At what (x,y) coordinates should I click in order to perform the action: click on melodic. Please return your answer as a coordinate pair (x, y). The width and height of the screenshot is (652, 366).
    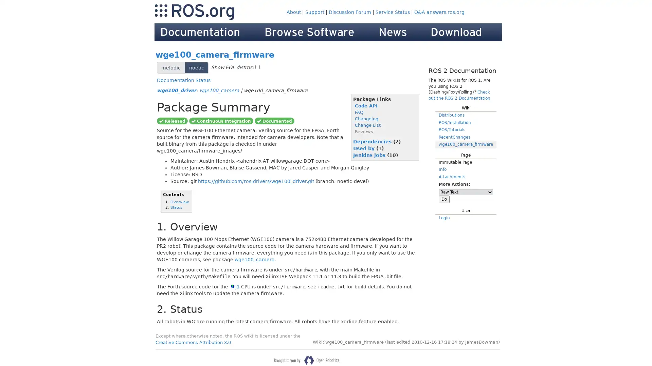
    Looking at the image, I should click on (171, 68).